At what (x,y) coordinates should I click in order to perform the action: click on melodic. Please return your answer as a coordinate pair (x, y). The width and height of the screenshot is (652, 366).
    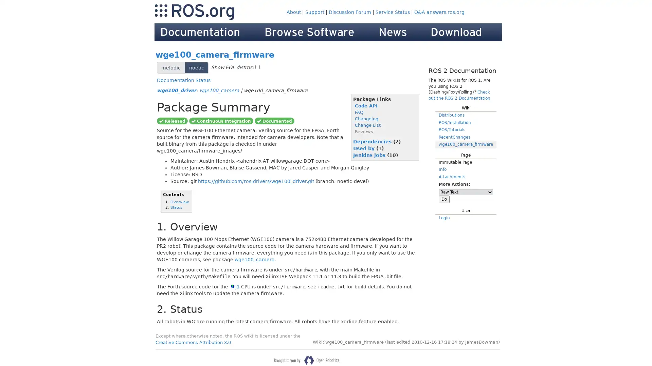
    Looking at the image, I should click on (171, 68).